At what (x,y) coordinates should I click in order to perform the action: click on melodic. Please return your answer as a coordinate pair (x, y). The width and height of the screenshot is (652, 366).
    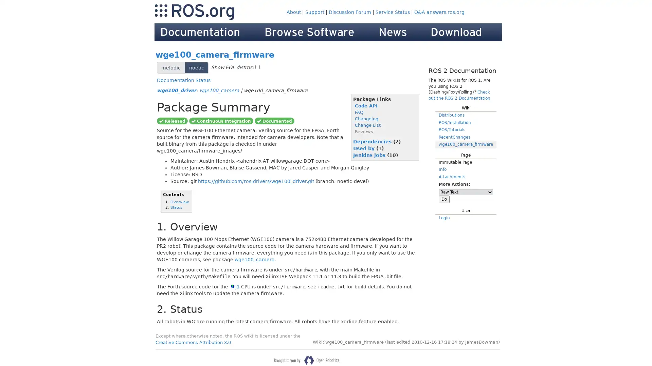
    Looking at the image, I should click on (171, 68).